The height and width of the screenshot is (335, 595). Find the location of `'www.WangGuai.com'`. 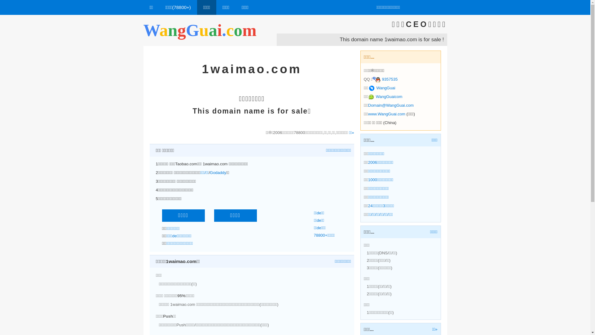

'www.WangGuai.com' is located at coordinates (368, 114).